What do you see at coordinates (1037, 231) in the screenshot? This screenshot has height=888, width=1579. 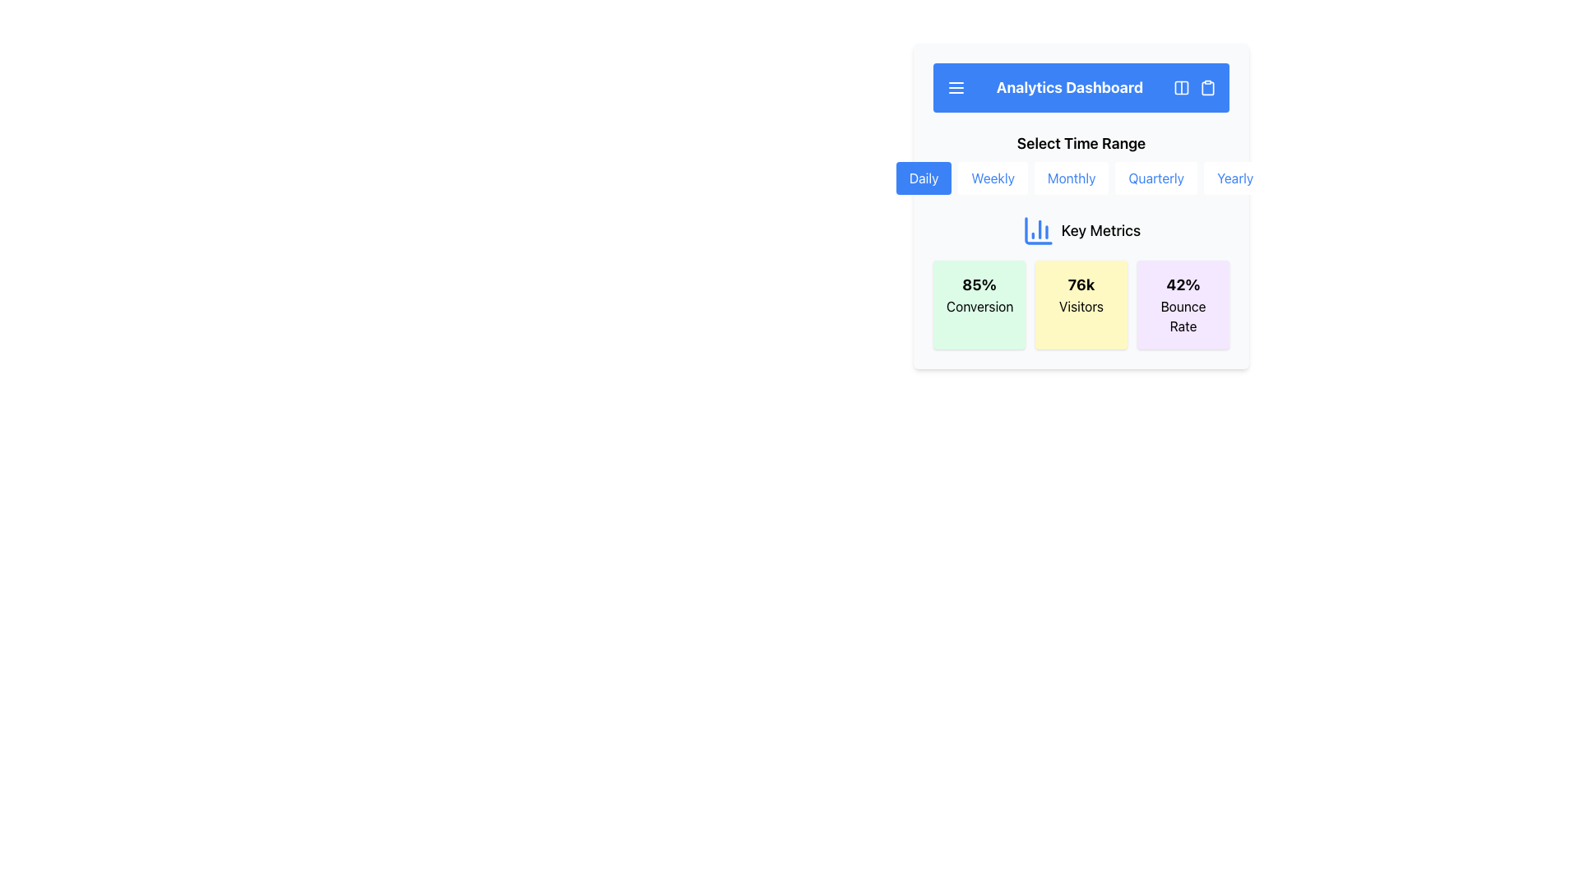 I see `the top-left section of the SVG icon representing a column chart adjacent to the 'Key Metrics' label` at bounding box center [1037, 231].